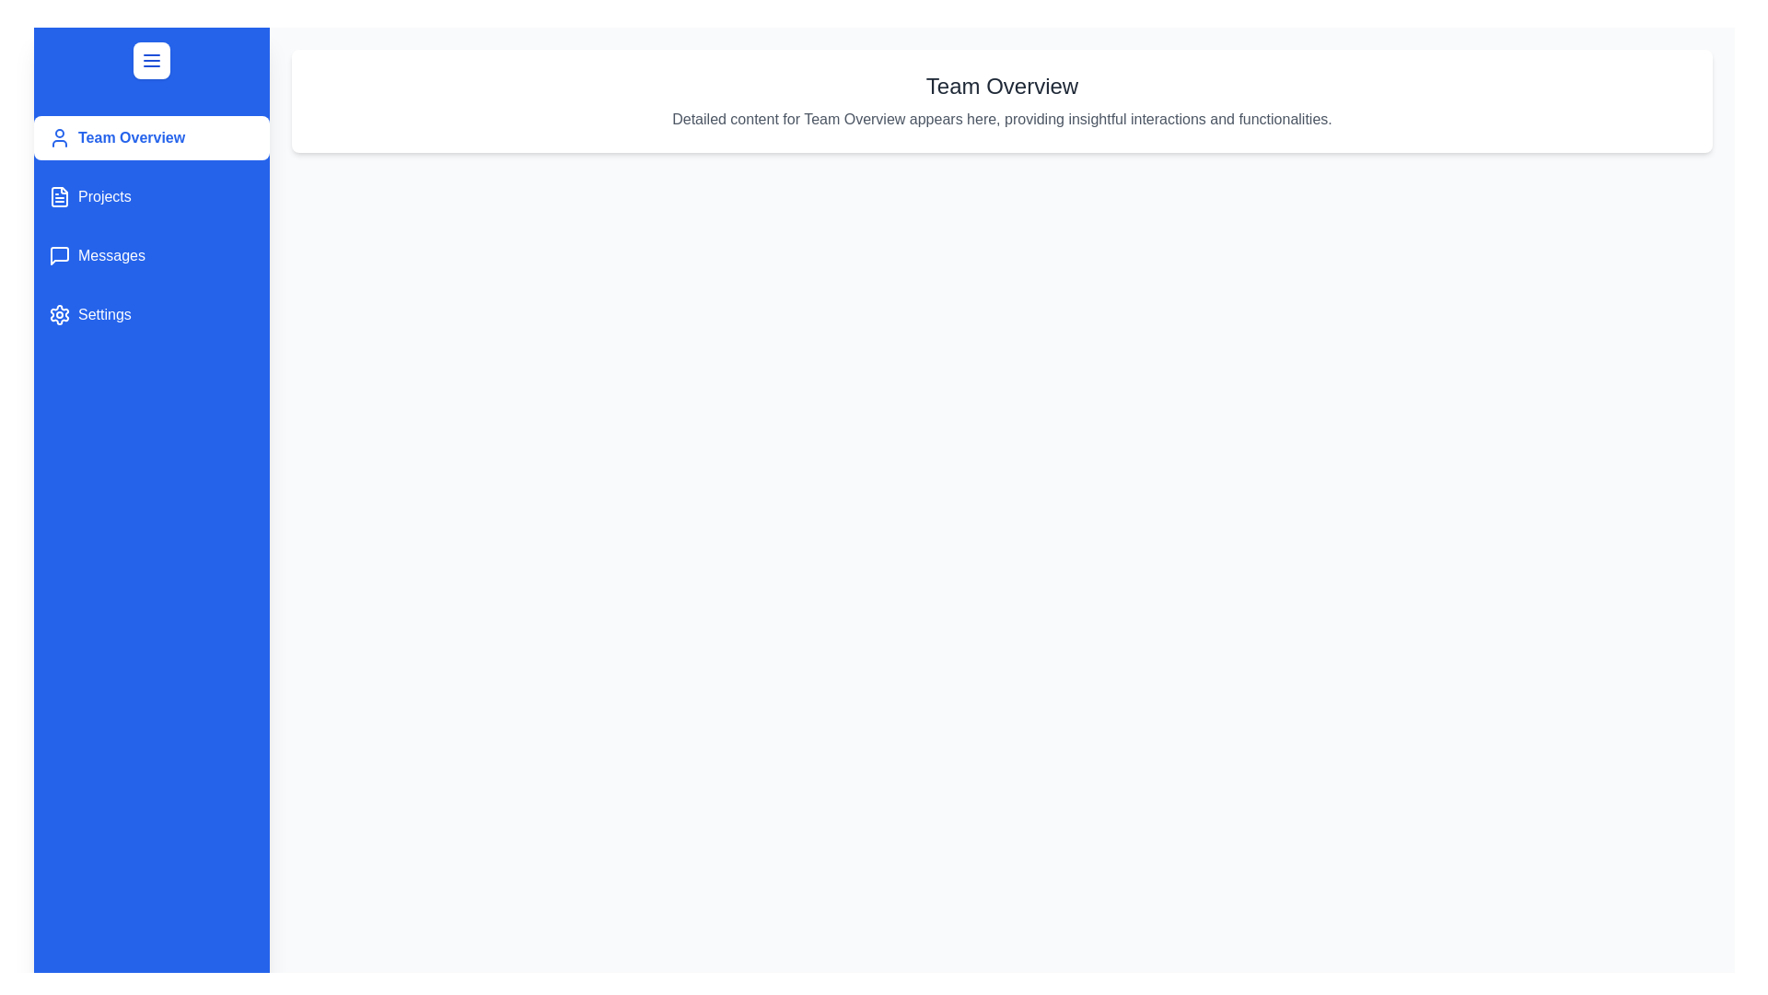 The image size is (1768, 995). What do you see at coordinates (151, 196) in the screenshot?
I see `the sidebar item Projects to preview its selection state` at bounding box center [151, 196].